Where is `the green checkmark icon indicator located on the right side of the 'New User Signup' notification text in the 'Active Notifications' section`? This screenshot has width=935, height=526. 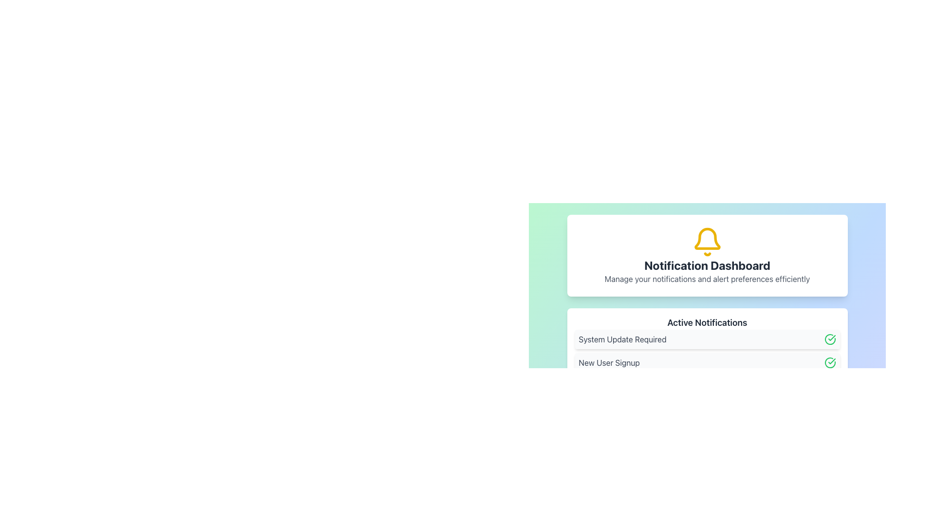 the green checkmark icon indicator located on the right side of the 'New User Signup' notification text in the 'Active Notifications' section is located at coordinates (831, 338).